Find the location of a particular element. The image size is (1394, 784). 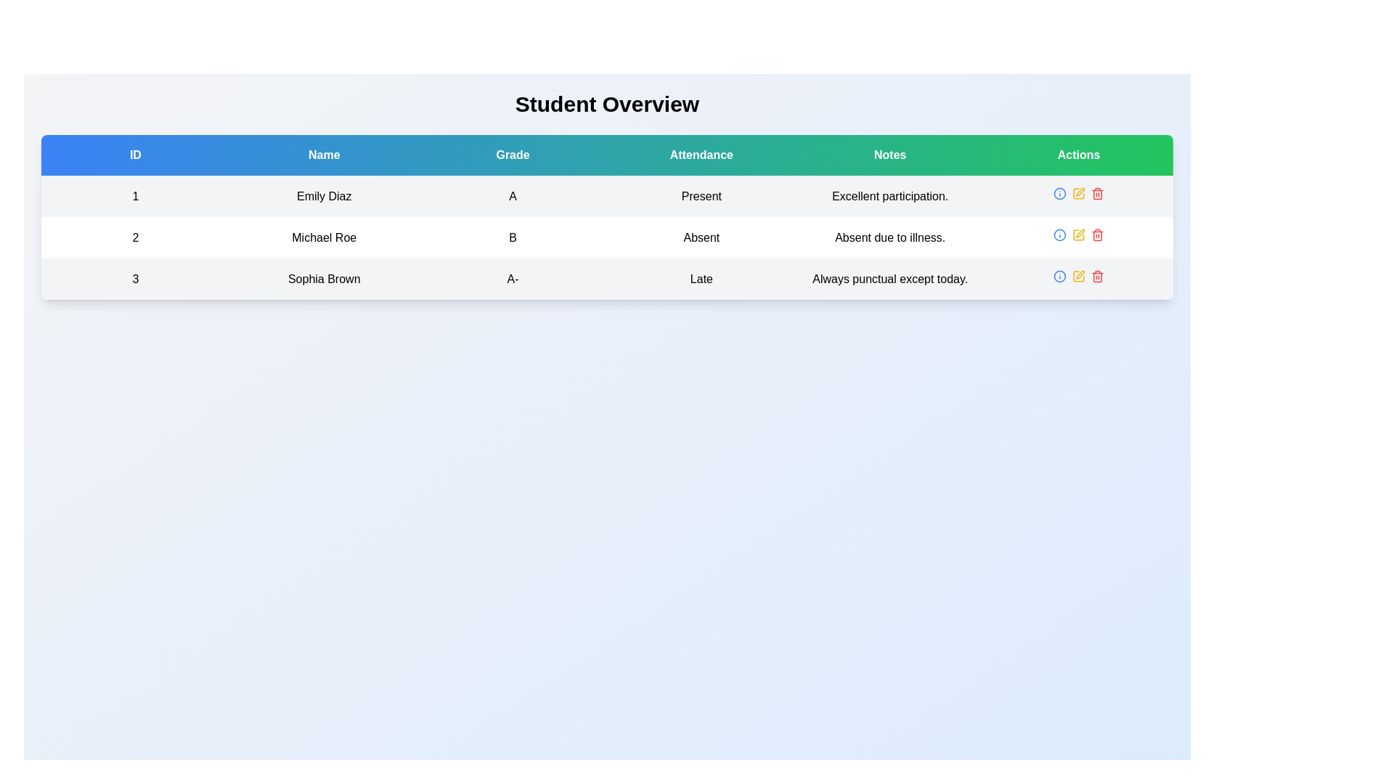

the static text element displaying the name 'Michael Roe' in the table row labeled 'Name' with a white background is located at coordinates (323, 237).